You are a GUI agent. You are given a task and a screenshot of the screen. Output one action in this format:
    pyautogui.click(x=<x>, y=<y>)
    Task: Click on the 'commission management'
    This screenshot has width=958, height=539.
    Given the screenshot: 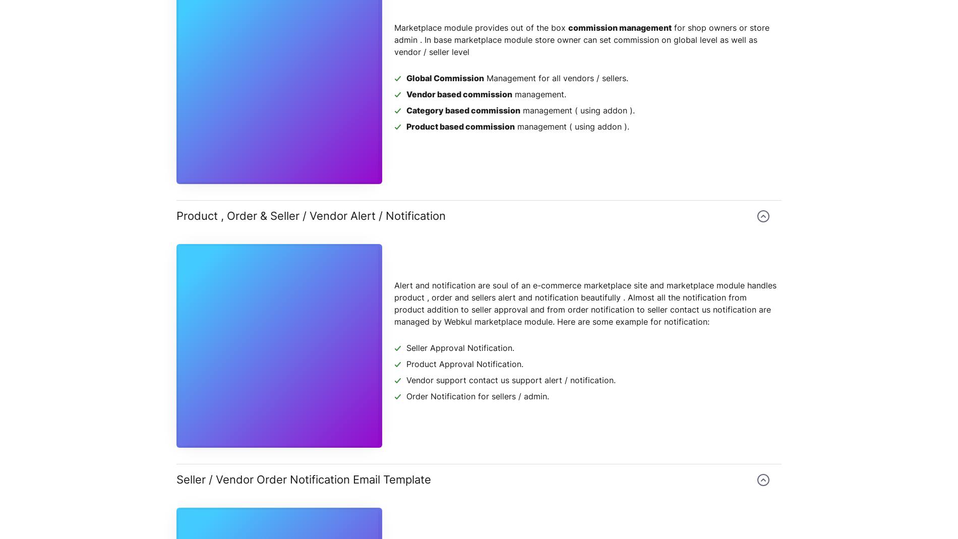 What is the action you would take?
    pyautogui.click(x=619, y=27)
    